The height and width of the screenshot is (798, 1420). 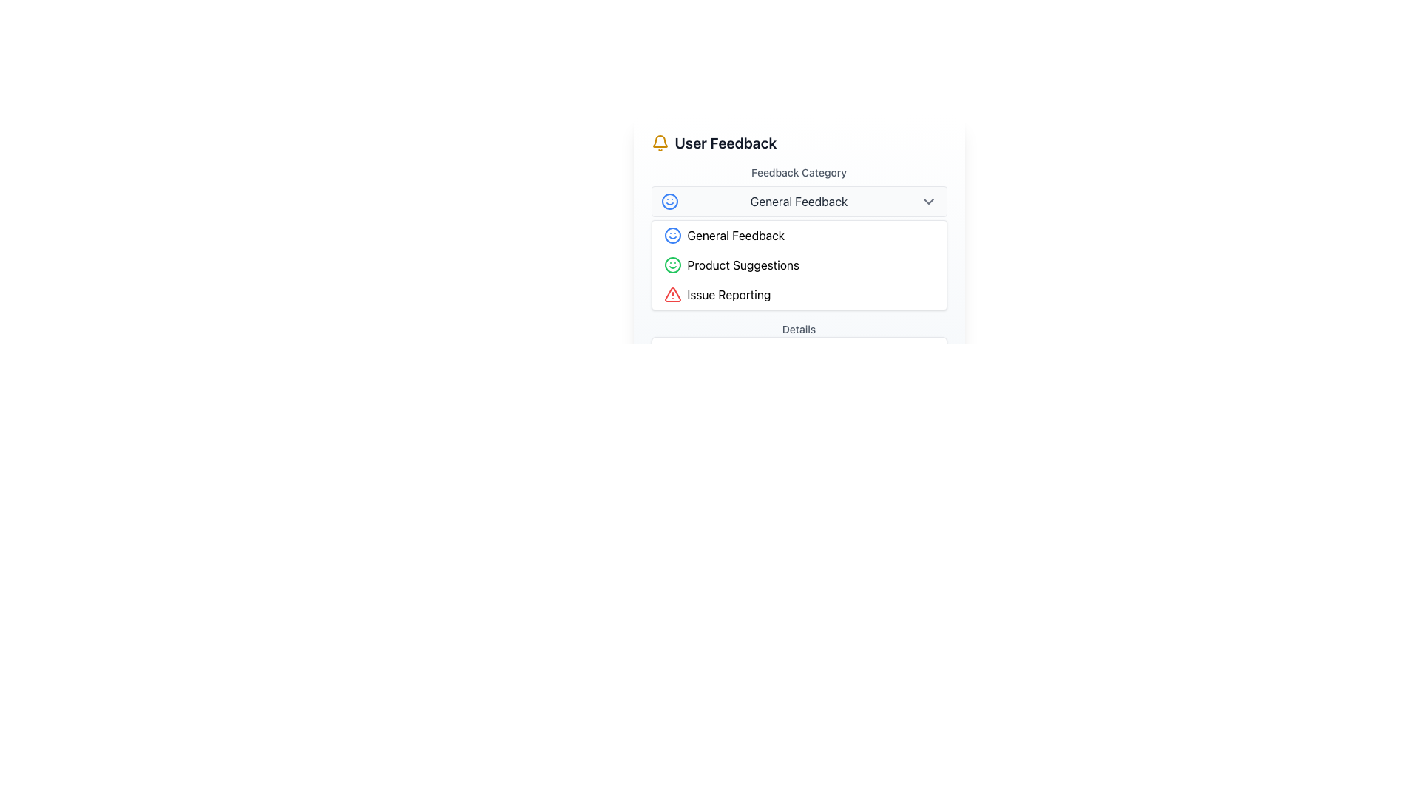 I want to click on an option from the 'Feedback Category' dropdown list to categorize feedback, so click(x=798, y=264).